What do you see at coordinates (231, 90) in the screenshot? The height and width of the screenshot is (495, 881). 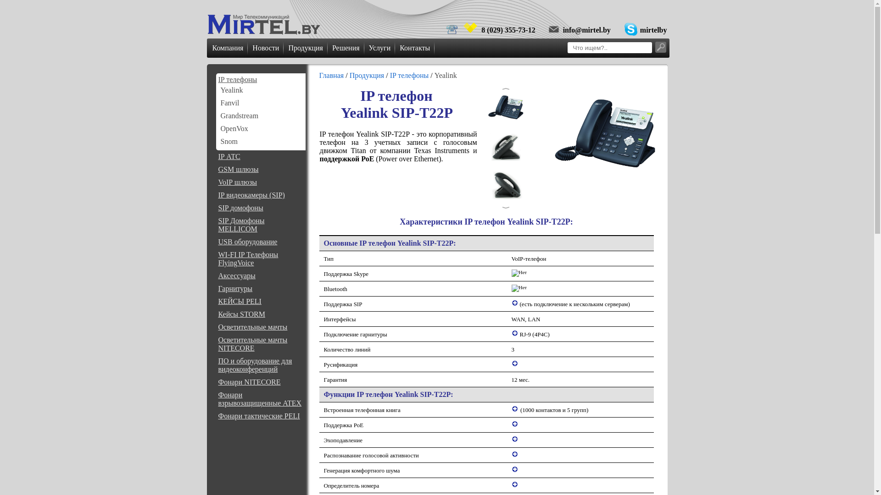 I see `'Yealink'` at bounding box center [231, 90].